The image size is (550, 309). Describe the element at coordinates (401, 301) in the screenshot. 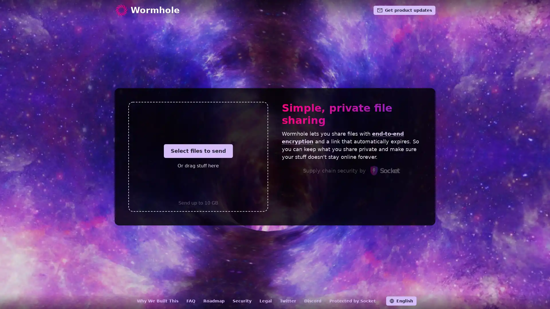

I see `English` at that location.